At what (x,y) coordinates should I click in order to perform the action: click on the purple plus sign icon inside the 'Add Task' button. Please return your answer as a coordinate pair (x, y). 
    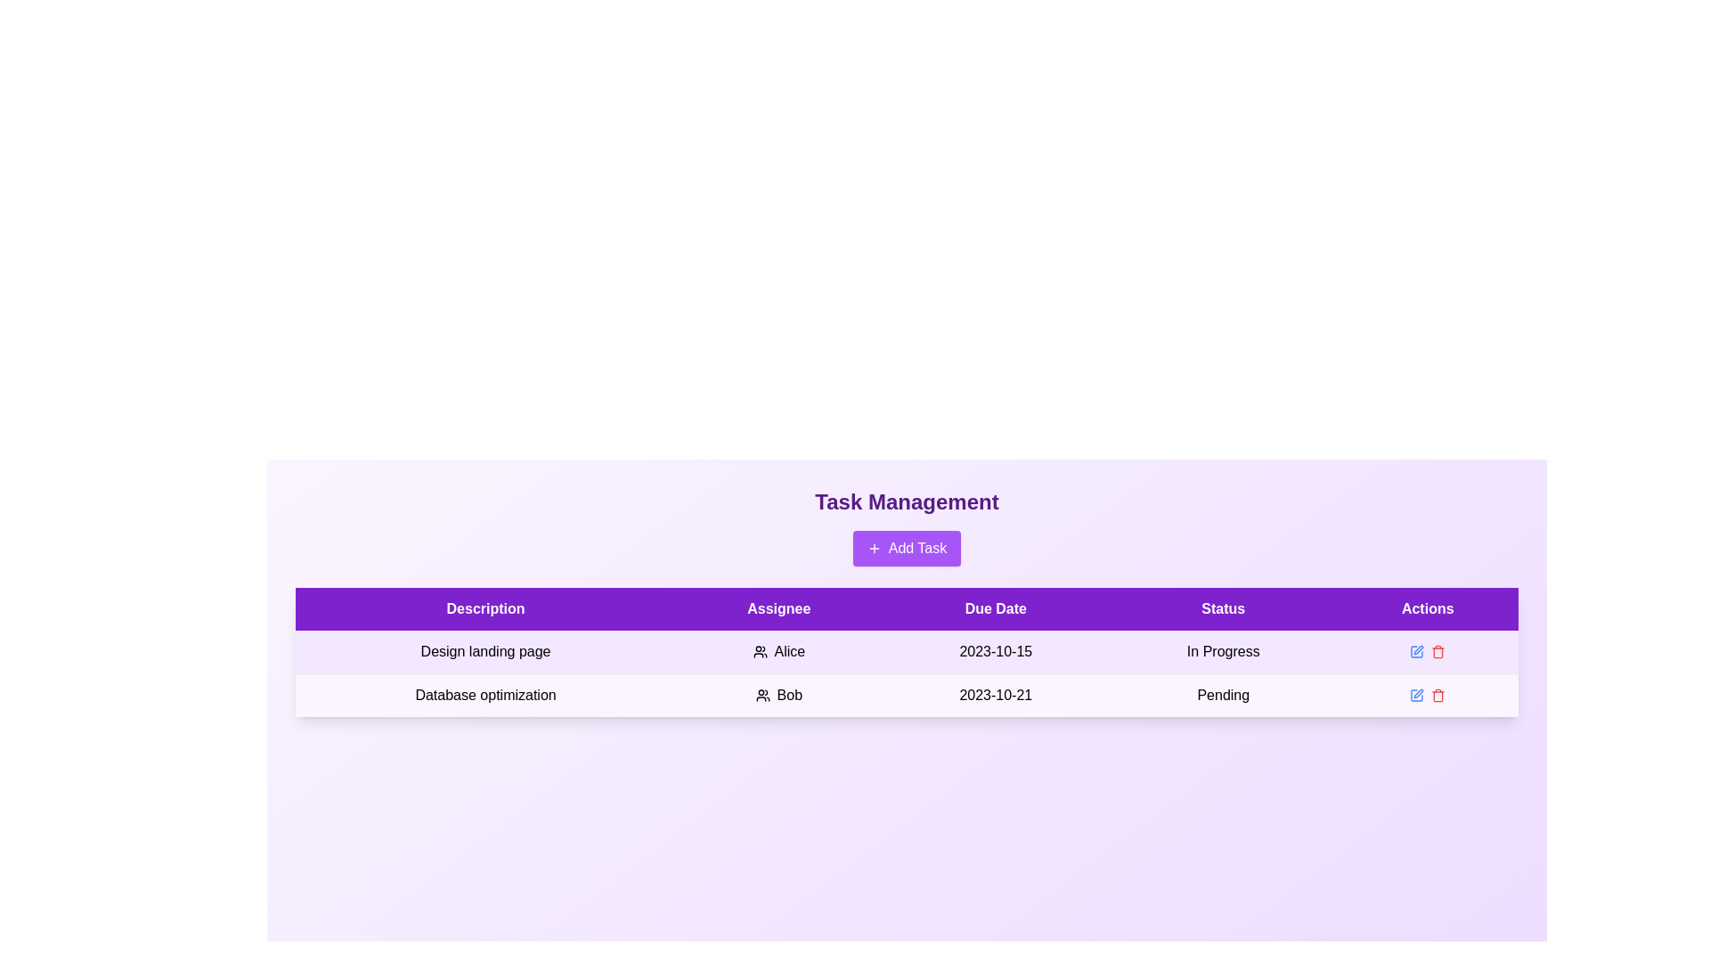
    Looking at the image, I should click on (874, 548).